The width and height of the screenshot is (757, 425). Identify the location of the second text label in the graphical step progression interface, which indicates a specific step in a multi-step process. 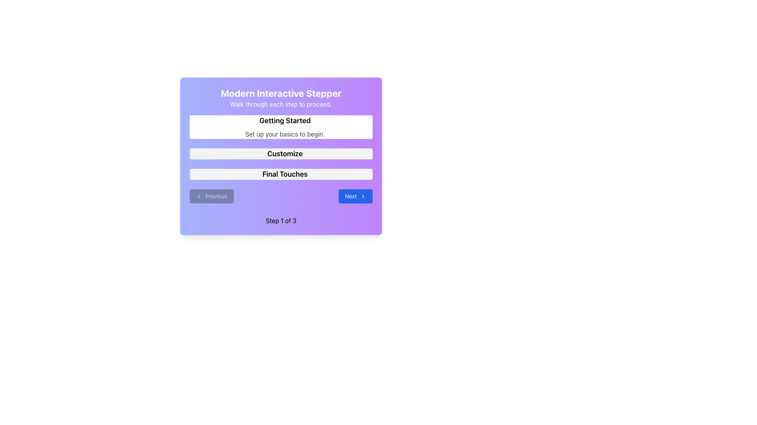
(281, 153).